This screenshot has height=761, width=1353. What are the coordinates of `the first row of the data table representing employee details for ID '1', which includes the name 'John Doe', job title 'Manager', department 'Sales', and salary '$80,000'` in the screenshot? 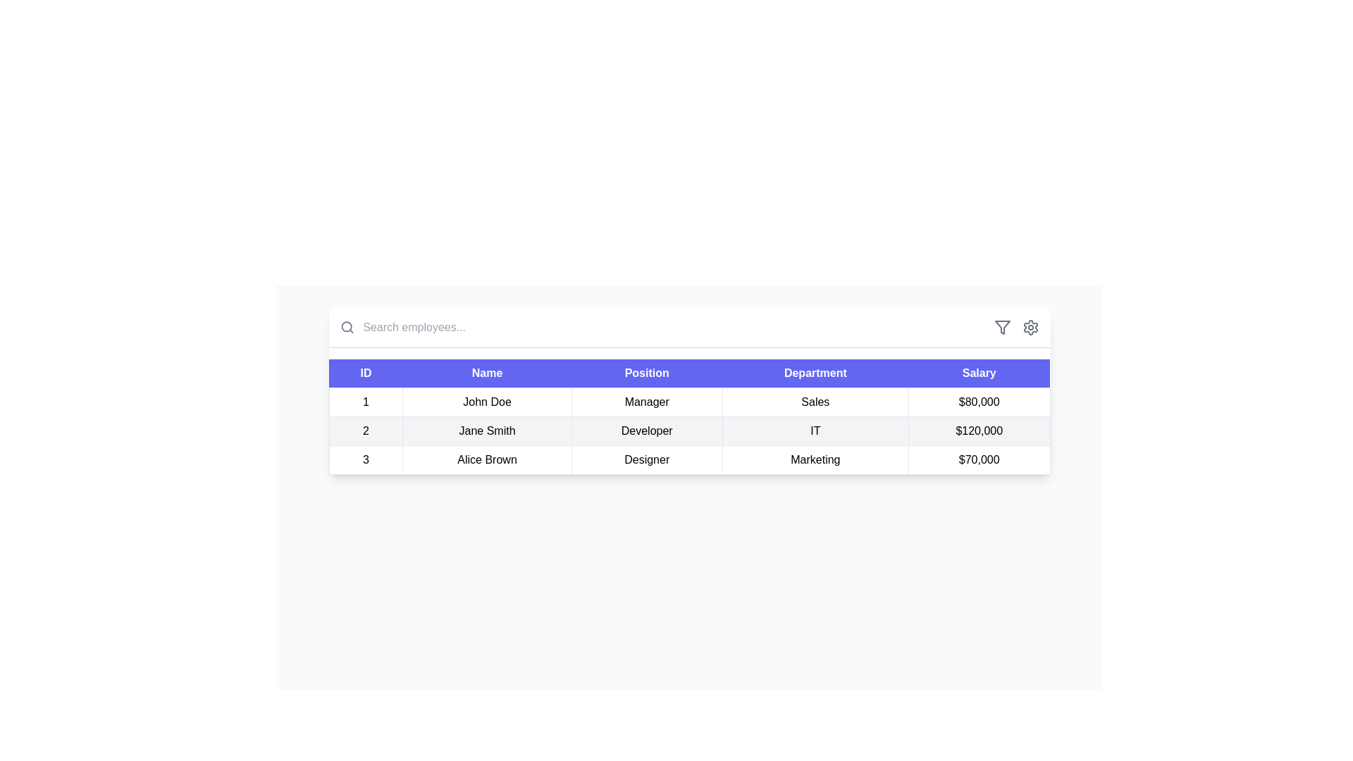 It's located at (689, 402).